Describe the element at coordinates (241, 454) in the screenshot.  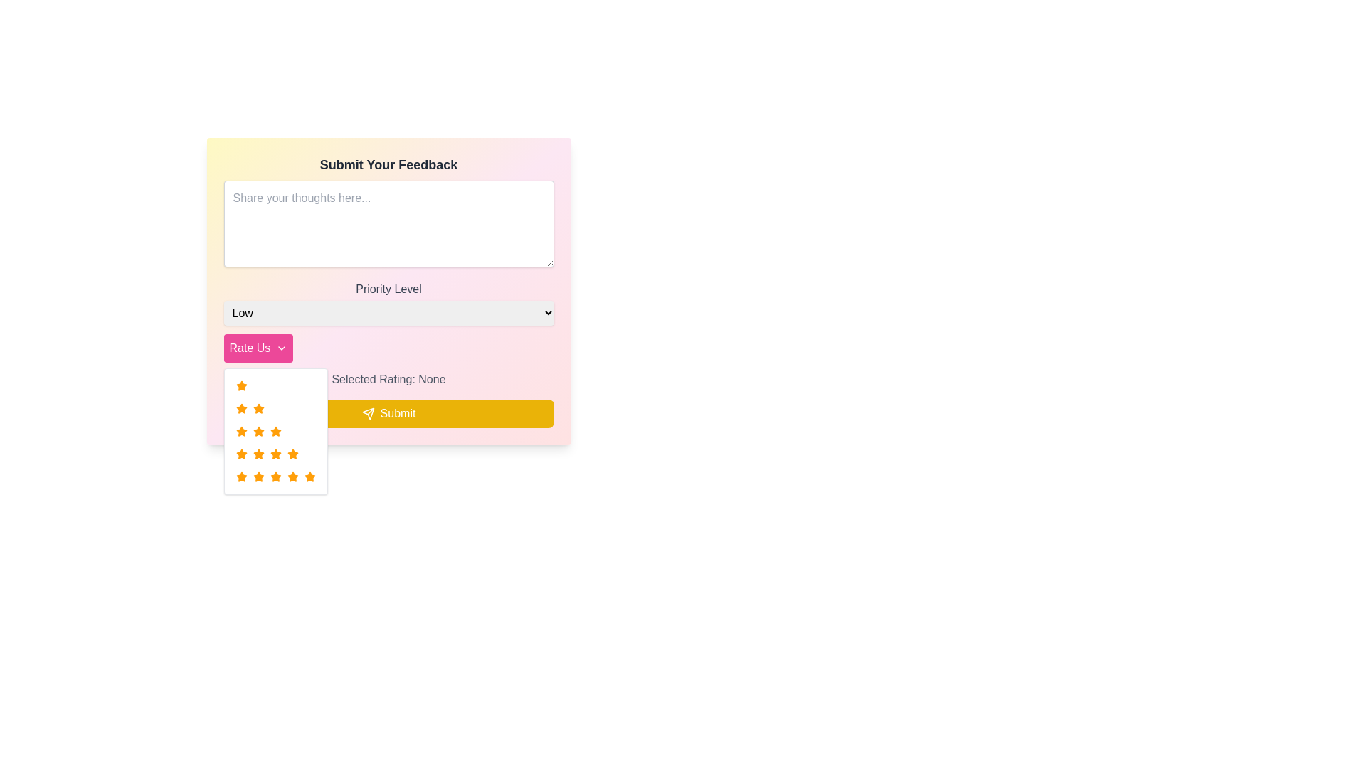
I see `the distinct bright orange star-shaped icon located` at that location.